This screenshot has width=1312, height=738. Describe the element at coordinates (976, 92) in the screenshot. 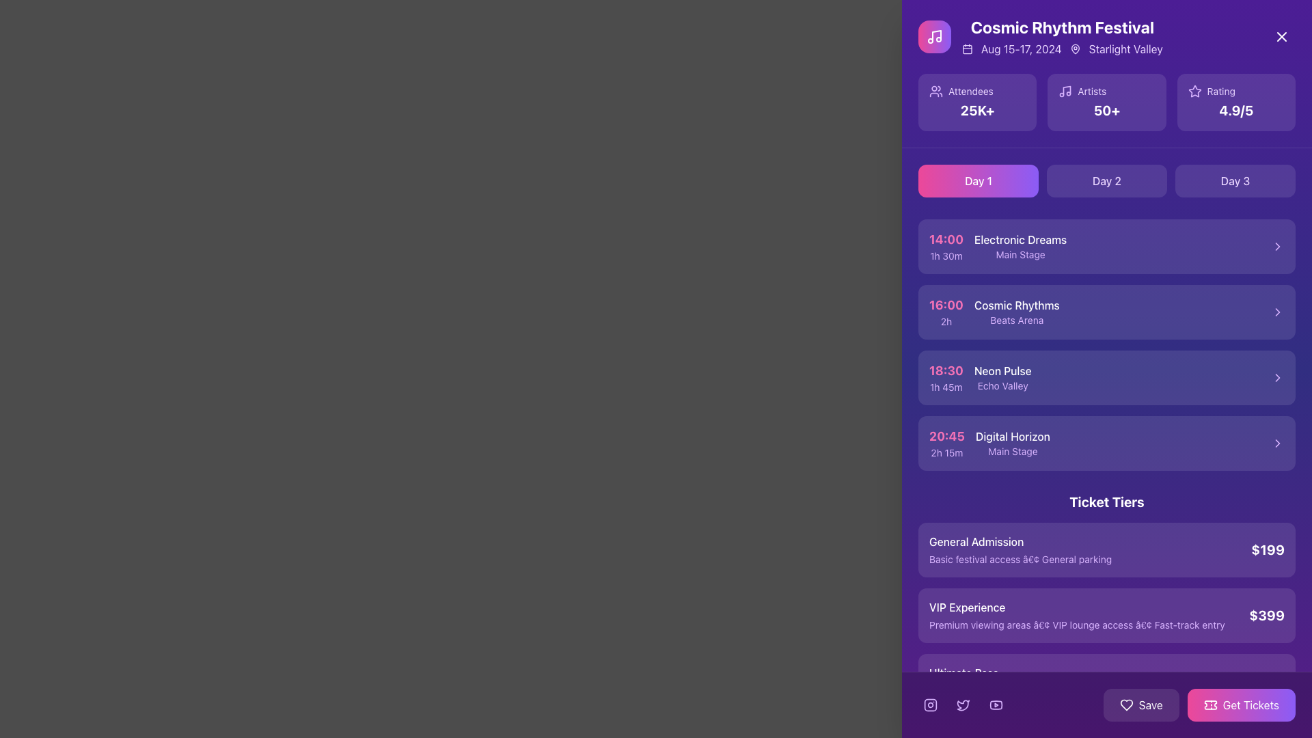

I see `the Text Element that serves as a label describing the count of attendees, located above the '25K+' text` at that location.